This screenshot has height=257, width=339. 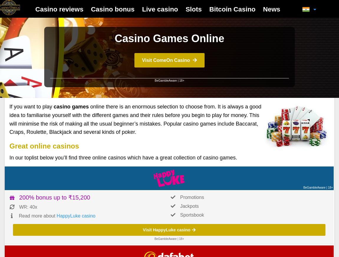 I want to click on '200% bonus up to ₹15,200', so click(x=54, y=197).